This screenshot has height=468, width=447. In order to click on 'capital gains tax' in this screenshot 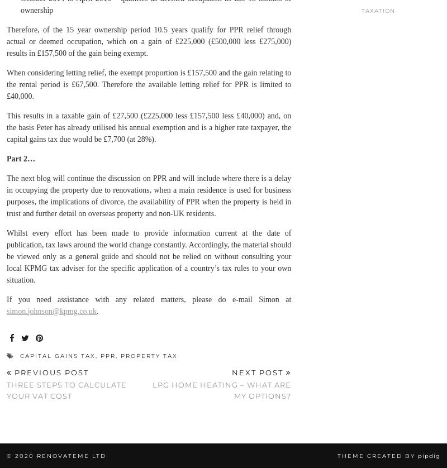, I will do `click(20, 355)`.